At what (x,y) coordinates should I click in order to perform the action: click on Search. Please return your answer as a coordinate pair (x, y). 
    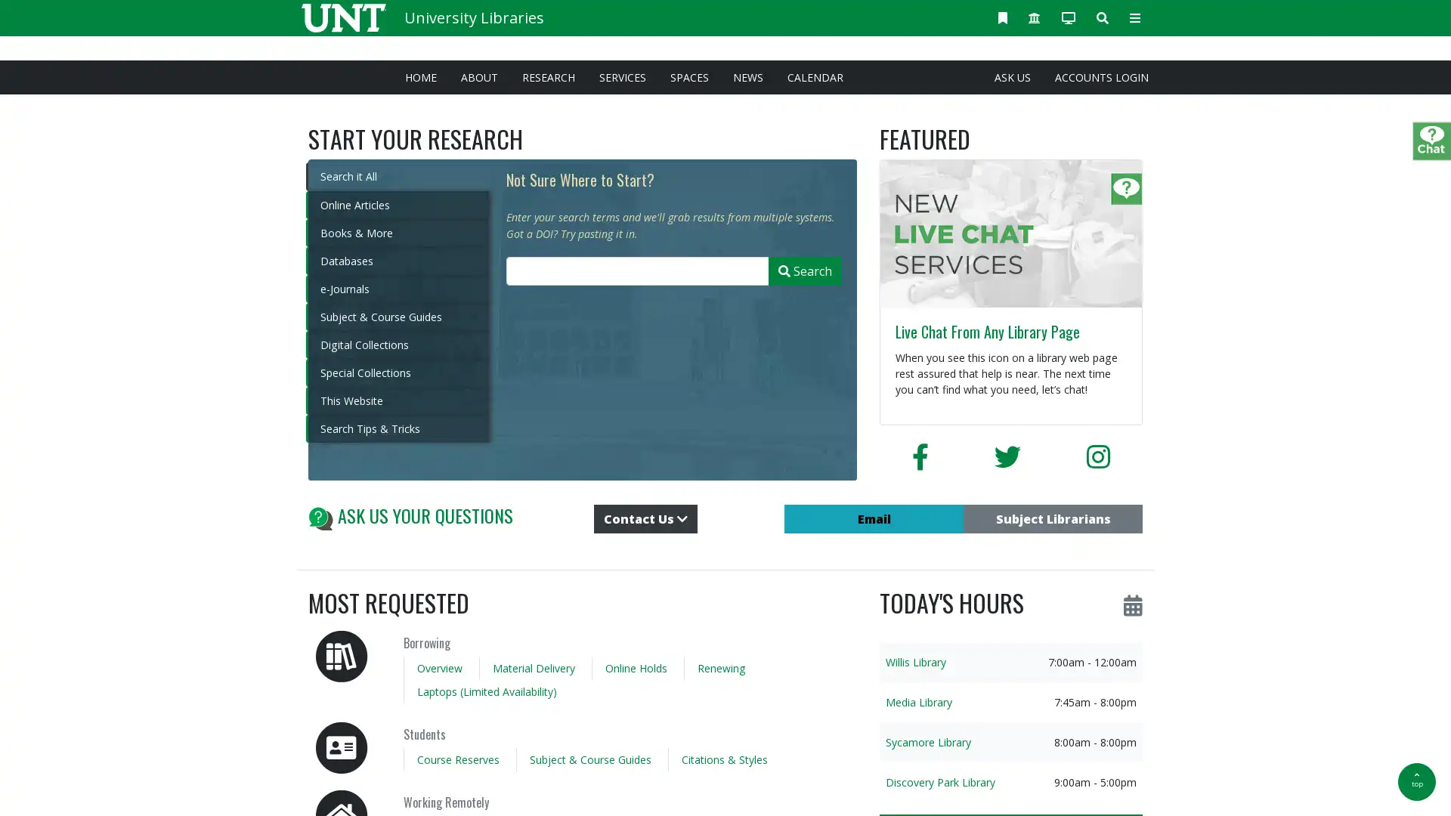
    Looking at the image, I should click on (804, 270).